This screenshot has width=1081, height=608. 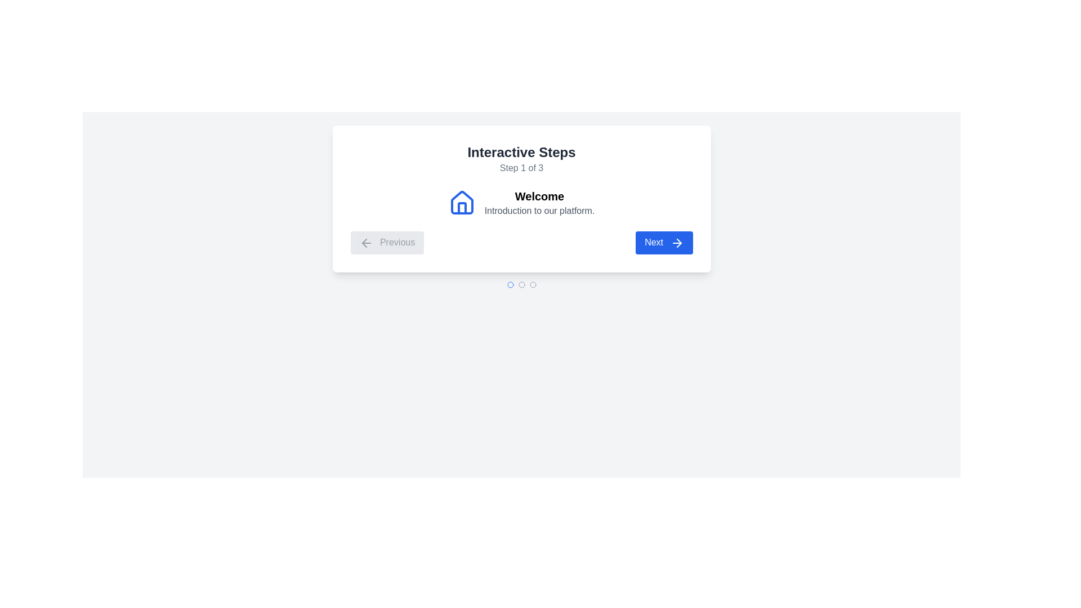 What do you see at coordinates (676, 242) in the screenshot?
I see `the progression icon located on the far-right side of the 'Next' button in the lower-right corner of the central card to enhance accessibility` at bounding box center [676, 242].